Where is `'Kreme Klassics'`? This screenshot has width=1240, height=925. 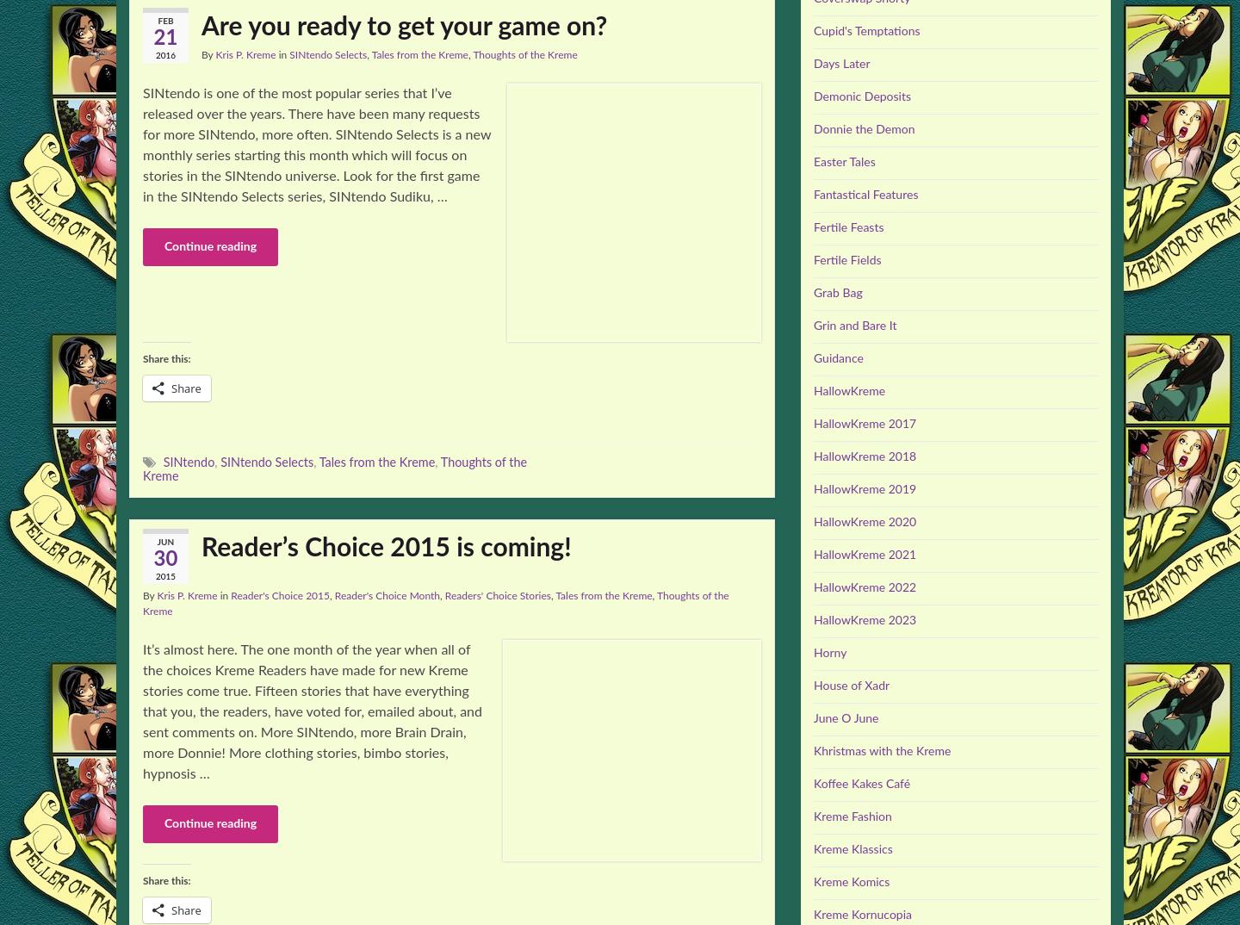
'Kreme Klassics' is located at coordinates (852, 849).